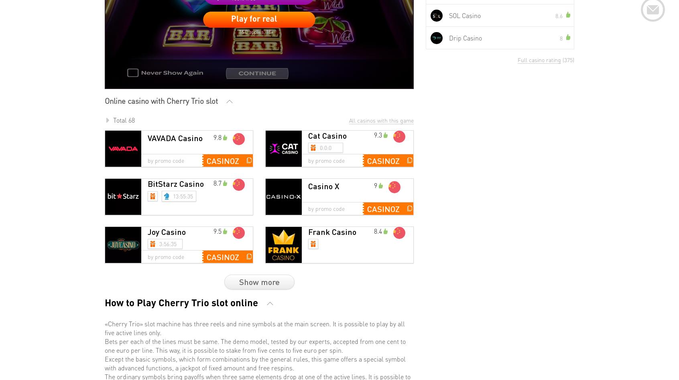  What do you see at coordinates (255, 362) in the screenshot?
I see `'Except the basic symbols, which form combinations by the general rules, this game offers a special symbol with advanced functions, a jackpot of fixed amount and free respins.'` at bounding box center [255, 362].